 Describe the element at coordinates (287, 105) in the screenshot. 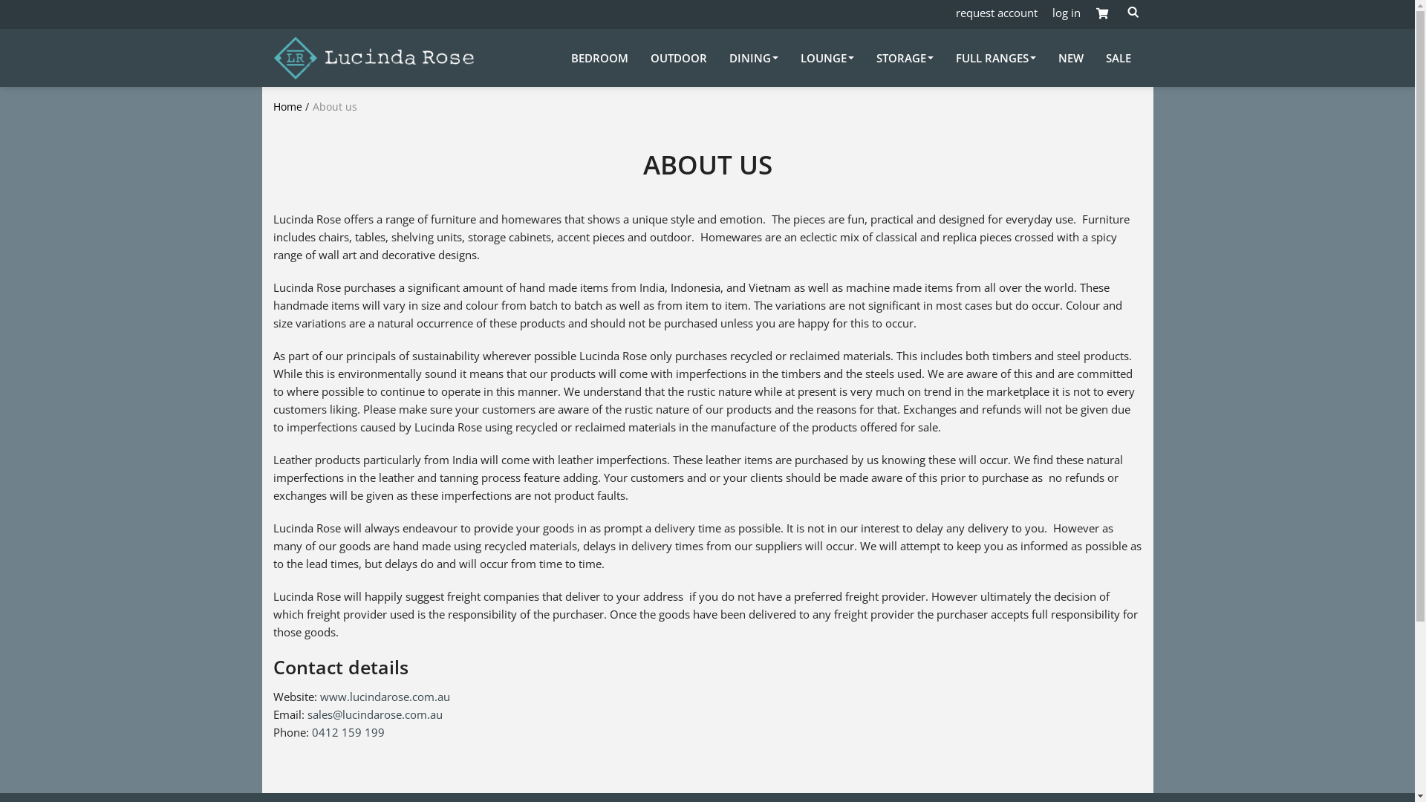

I see `'Home'` at that location.